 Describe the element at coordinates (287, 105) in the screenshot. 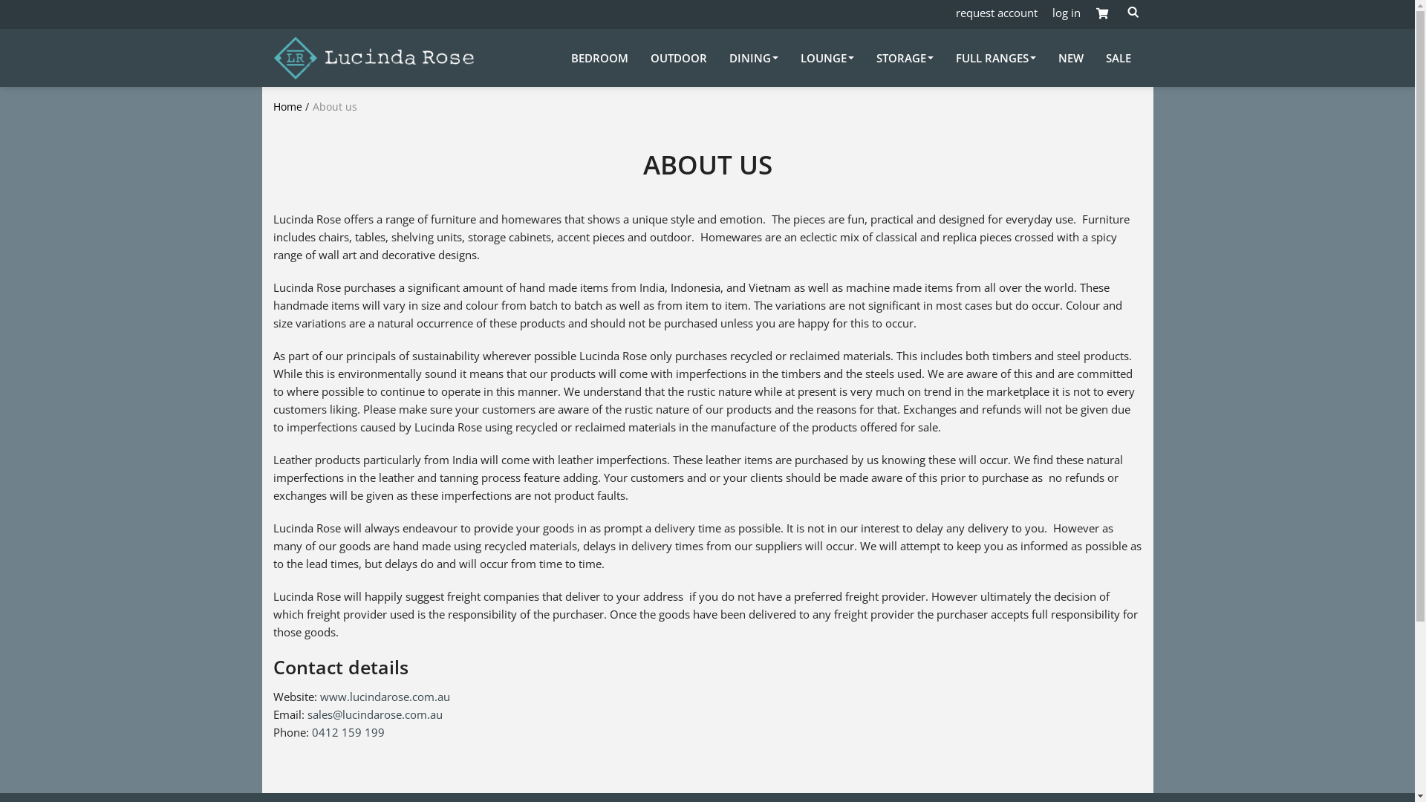

I see `'Home'` at that location.